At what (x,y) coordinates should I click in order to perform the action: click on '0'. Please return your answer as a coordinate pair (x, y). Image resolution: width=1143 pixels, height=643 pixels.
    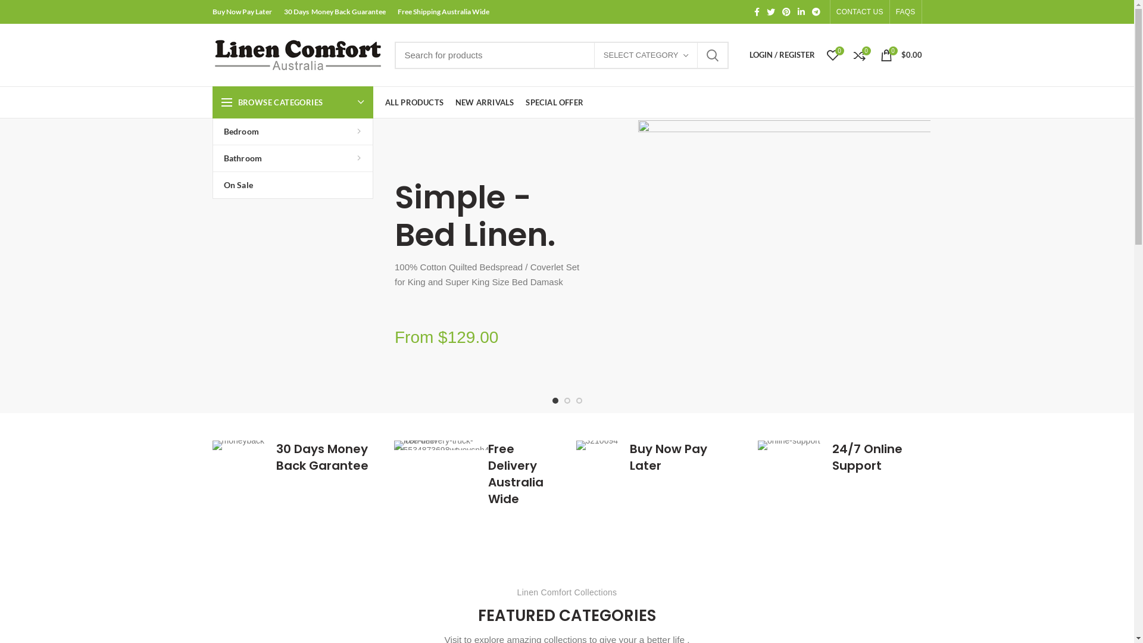
    Looking at the image, I should click on (831, 55).